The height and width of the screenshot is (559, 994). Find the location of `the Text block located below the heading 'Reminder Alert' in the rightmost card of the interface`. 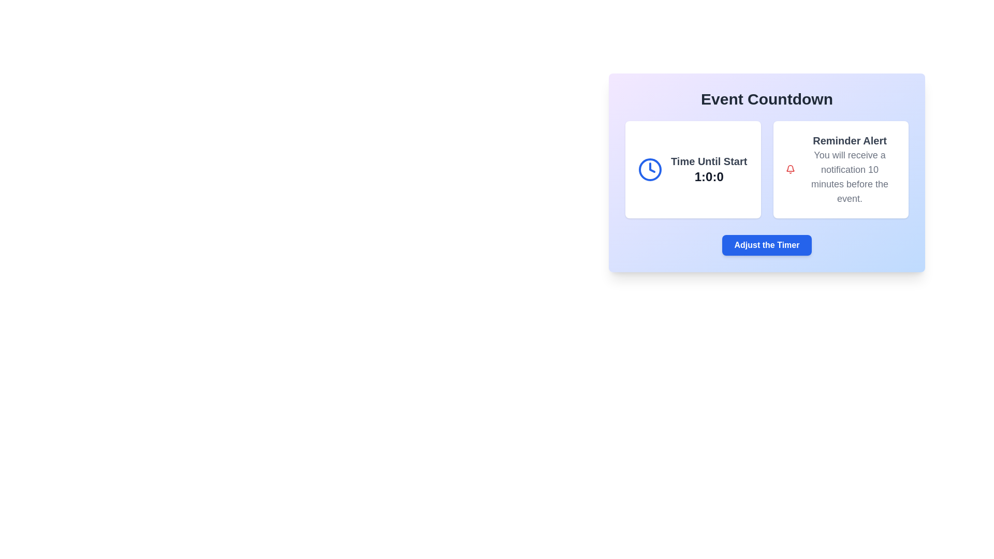

the Text block located below the heading 'Reminder Alert' in the rightmost card of the interface is located at coordinates (850, 176).